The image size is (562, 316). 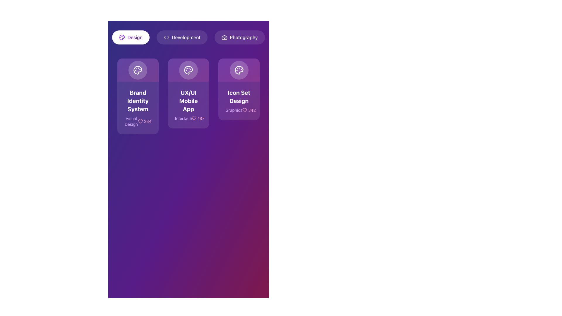 What do you see at coordinates (138, 70) in the screenshot?
I see `the circular button with an artist's palette icon, located in the top-left card above the text 'Brand Identity System'` at bounding box center [138, 70].